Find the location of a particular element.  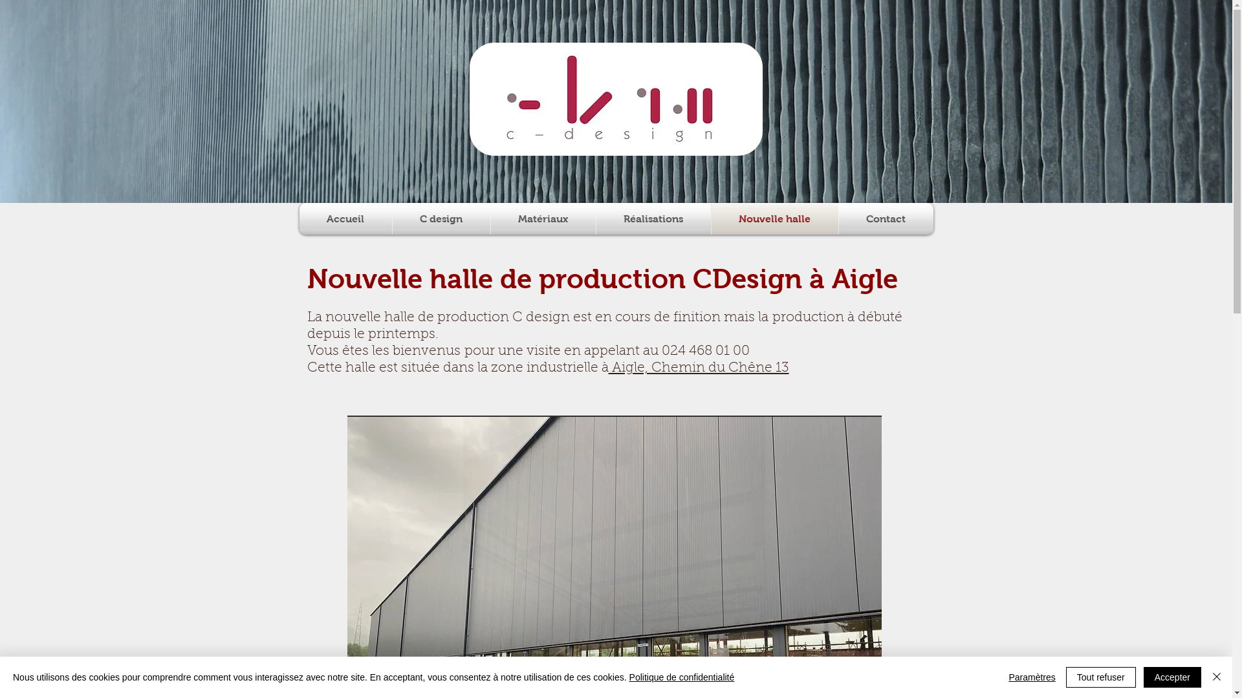

'Nouvelle halle' is located at coordinates (775, 218).